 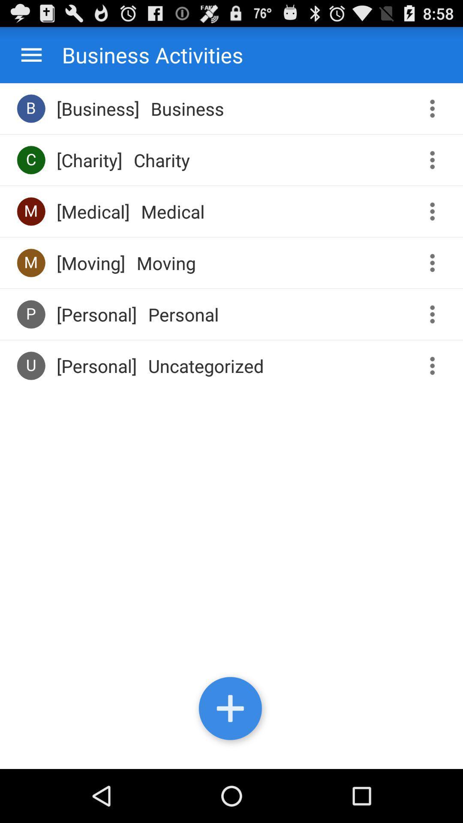 What do you see at coordinates (435, 211) in the screenshot?
I see `more information toggle` at bounding box center [435, 211].